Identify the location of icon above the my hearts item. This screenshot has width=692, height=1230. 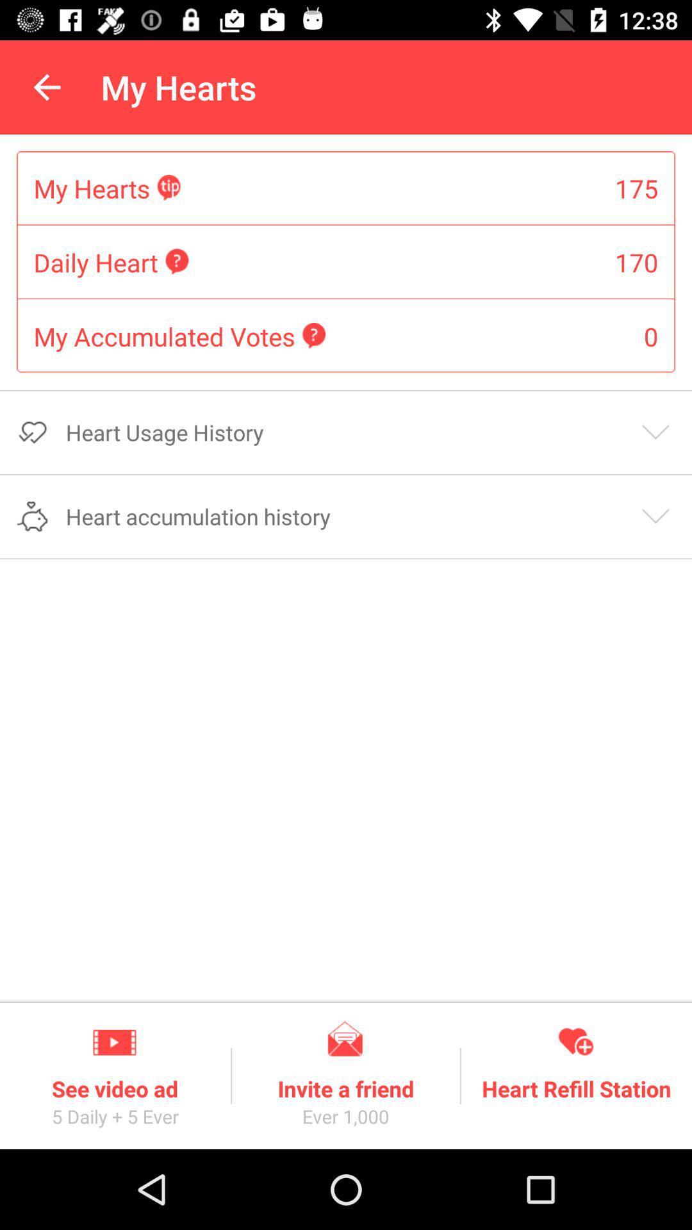
(46, 86).